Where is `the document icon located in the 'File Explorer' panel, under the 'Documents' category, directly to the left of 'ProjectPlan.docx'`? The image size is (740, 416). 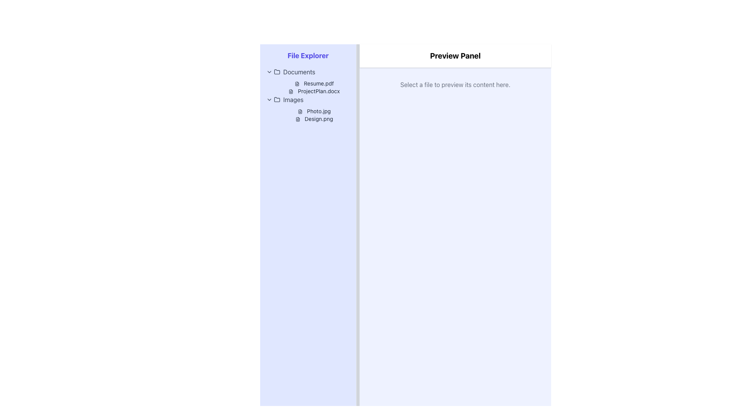
the document icon located in the 'File Explorer' panel, under the 'Documents' category, directly to the left of 'ProjectPlan.docx' is located at coordinates (291, 91).